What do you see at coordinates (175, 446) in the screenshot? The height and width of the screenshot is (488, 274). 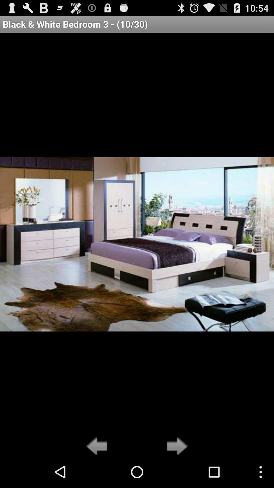 I see `the icon below black white bedroom` at bounding box center [175, 446].